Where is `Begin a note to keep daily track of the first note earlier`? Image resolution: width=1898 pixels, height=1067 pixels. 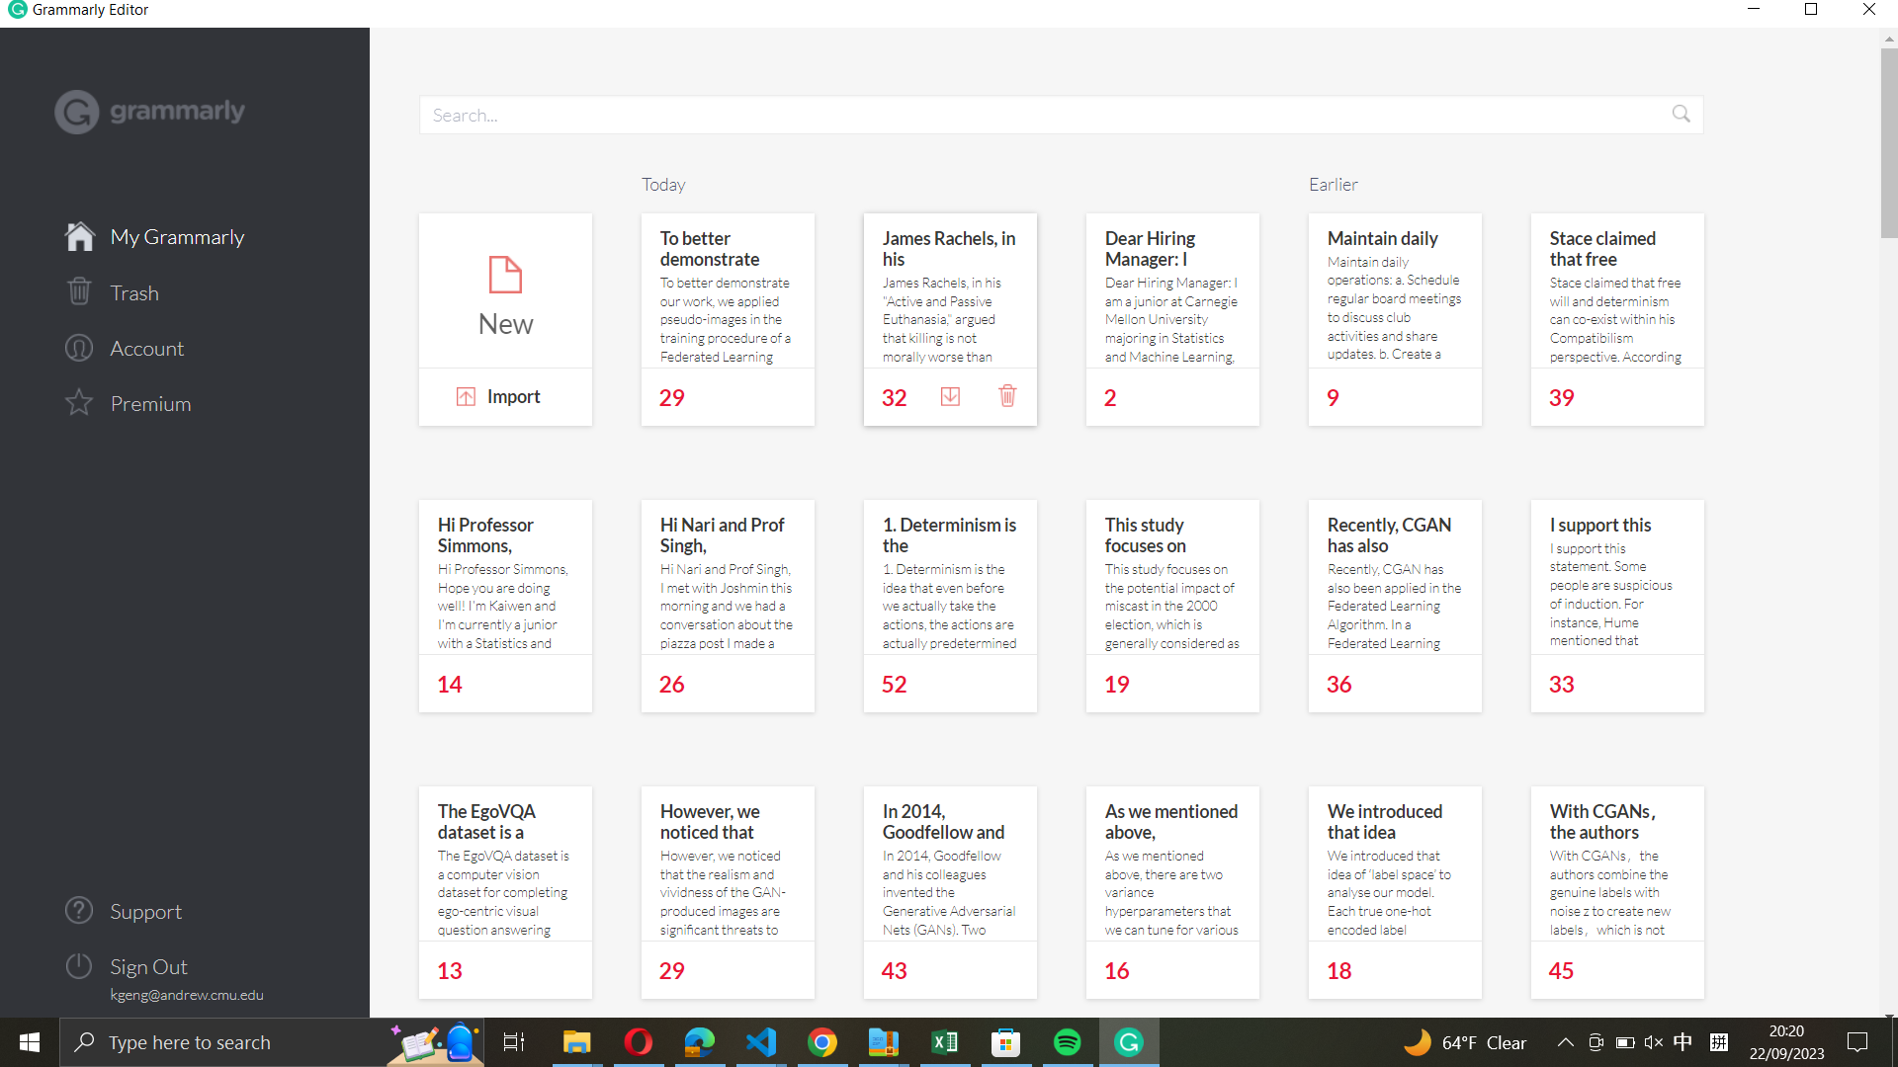
Begin a note to keep daily track of the first note earlier is located at coordinates (1395, 289).